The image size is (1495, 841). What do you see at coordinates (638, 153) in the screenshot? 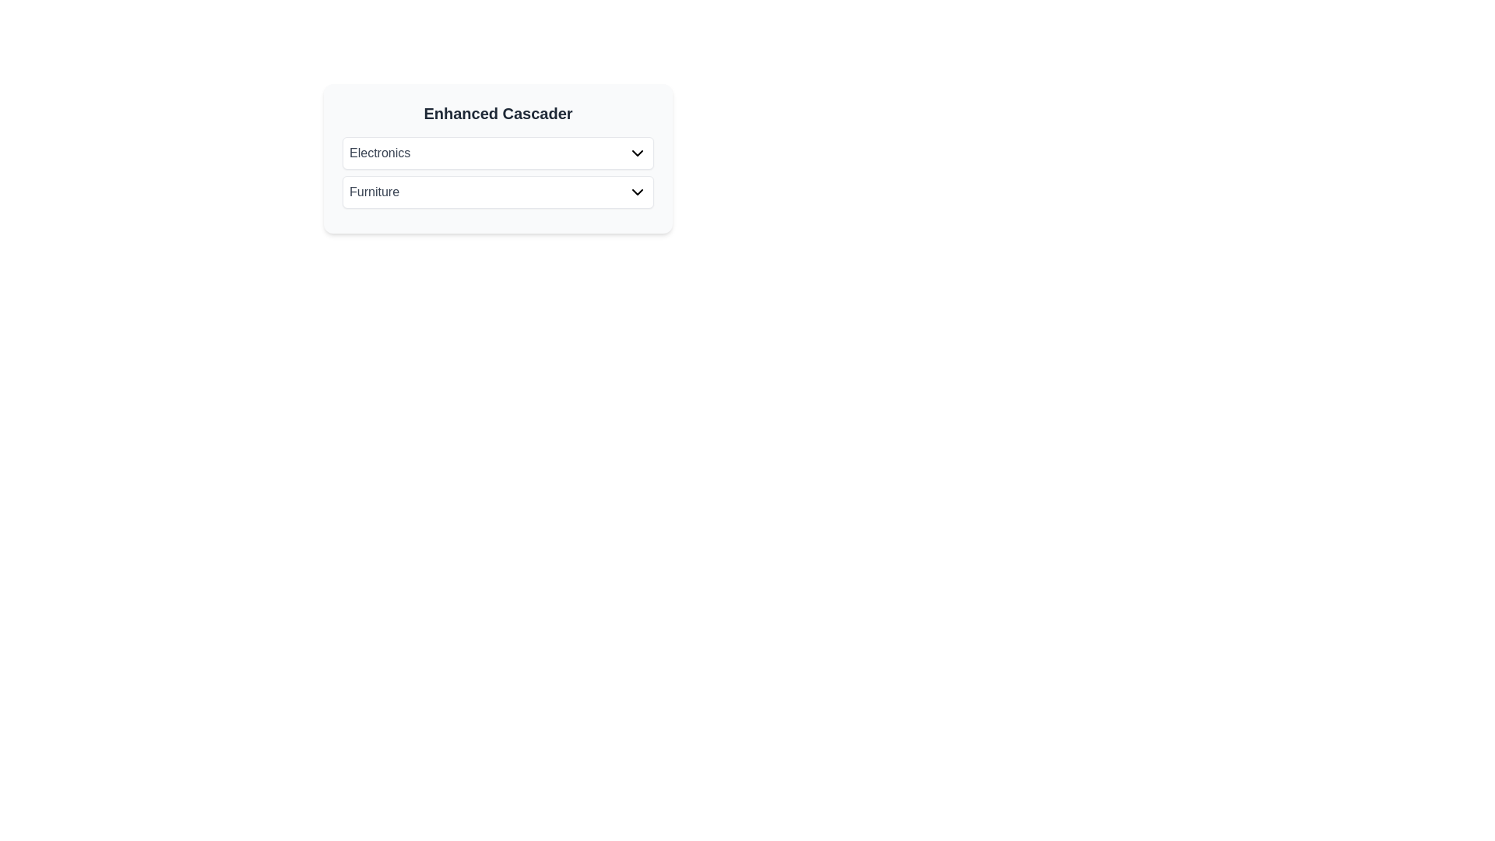
I see `the dropdown indicator icon located to the right of the 'Electronics' label to focus on it` at bounding box center [638, 153].